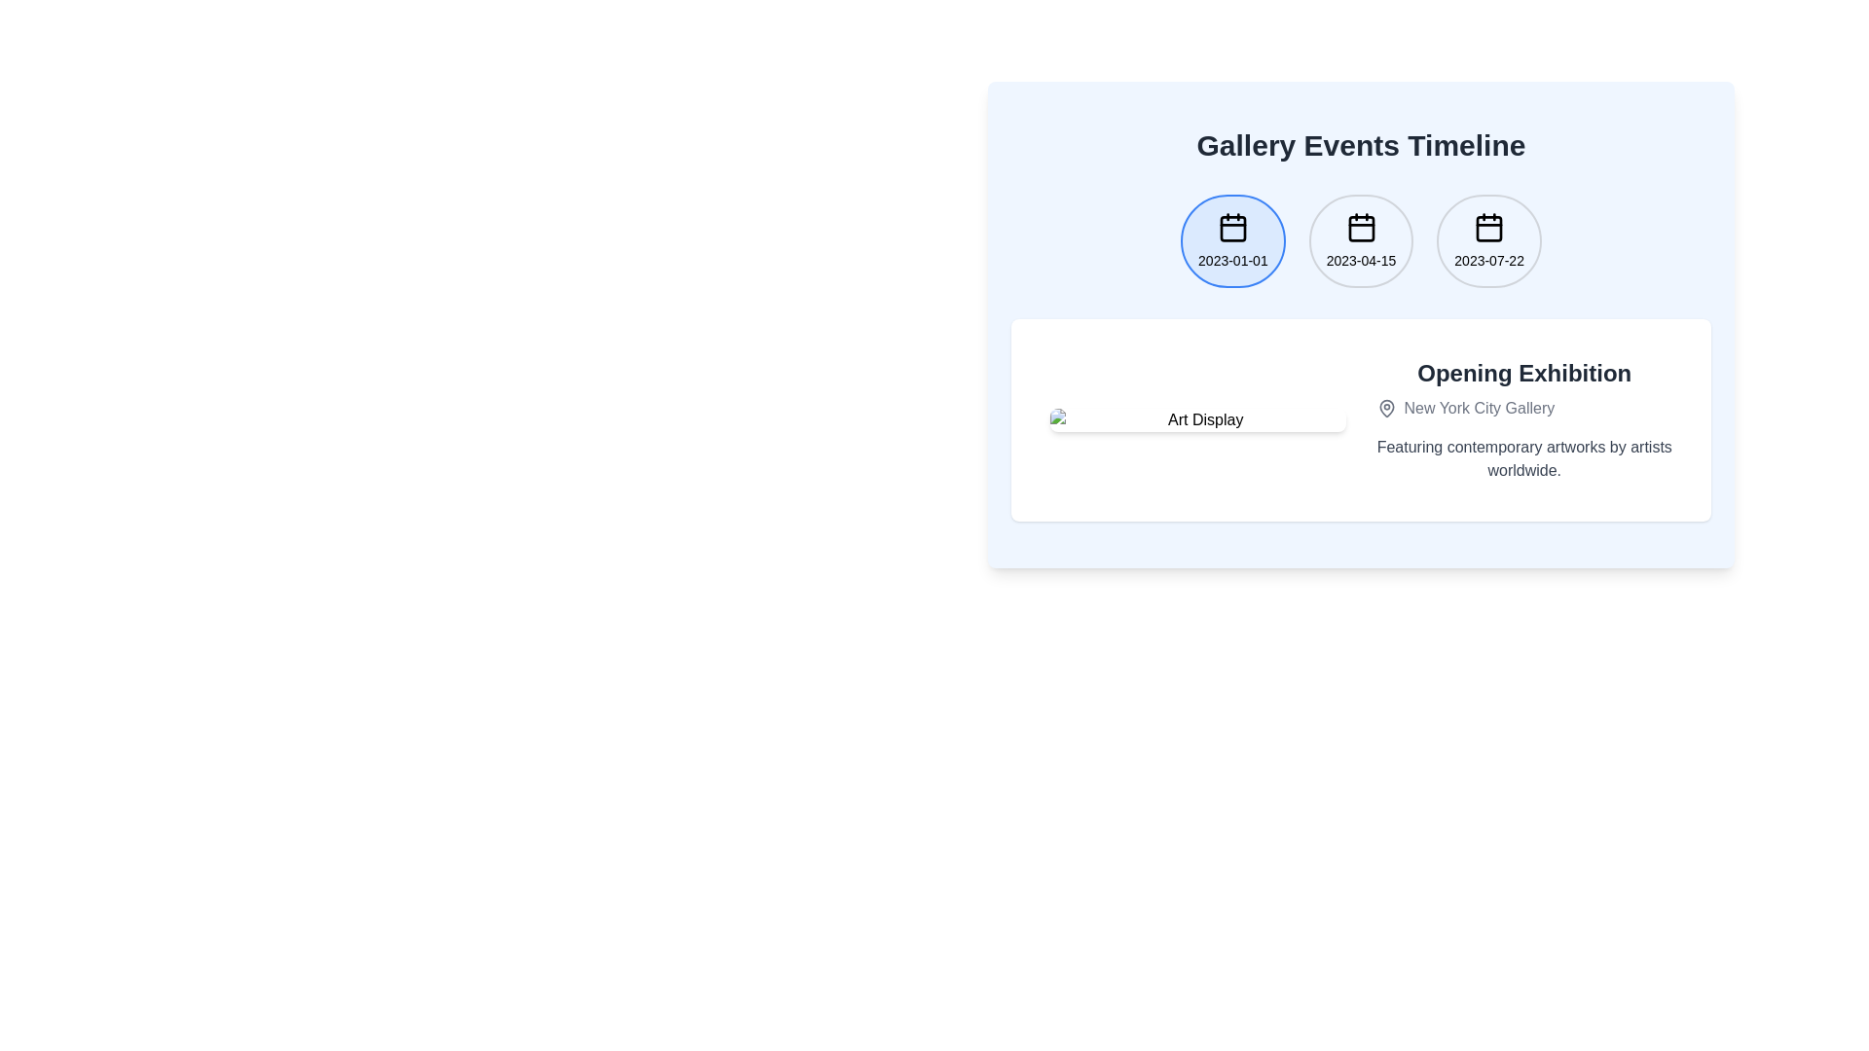 This screenshot has width=1869, height=1051. Describe the element at coordinates (1231, 259) in the screenshot. I see `text label displaying the date '2023-01-01' which is part of a highlighted circular card located below a calendar icon in a timeline view` at that location.